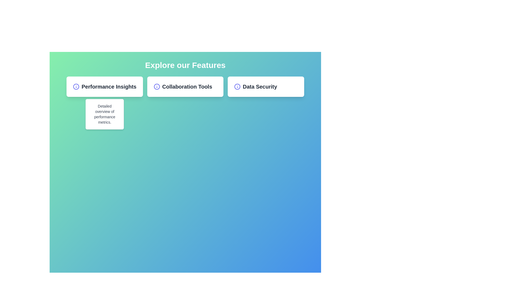  What do you see at coordinates (187, 86) in the screenshot?
I see `the static text label that reads 'Collaboration Tools', which is styled with a bold and large font and located in the middle of three horizontally aligned cards beneath the heading 'Explore our Features'` at bounding box center [187, 86].